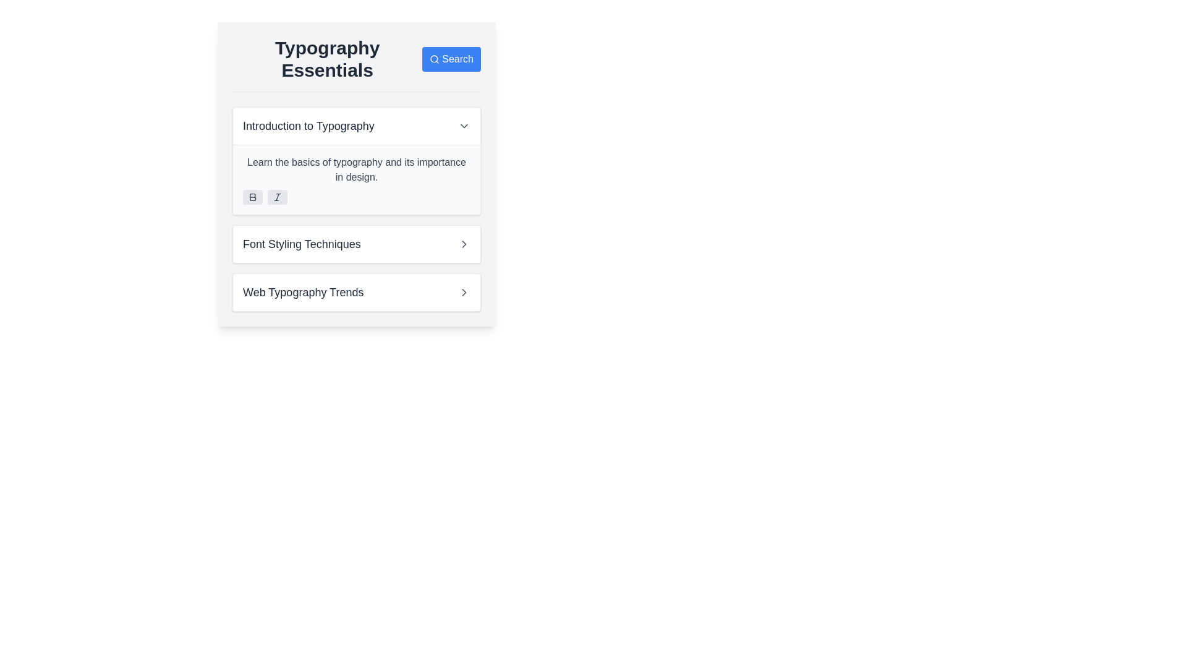 The height and width of the screenshot is (668, 1187). I want to click on the chevron-shaped icon pointing, so click(463, 244).